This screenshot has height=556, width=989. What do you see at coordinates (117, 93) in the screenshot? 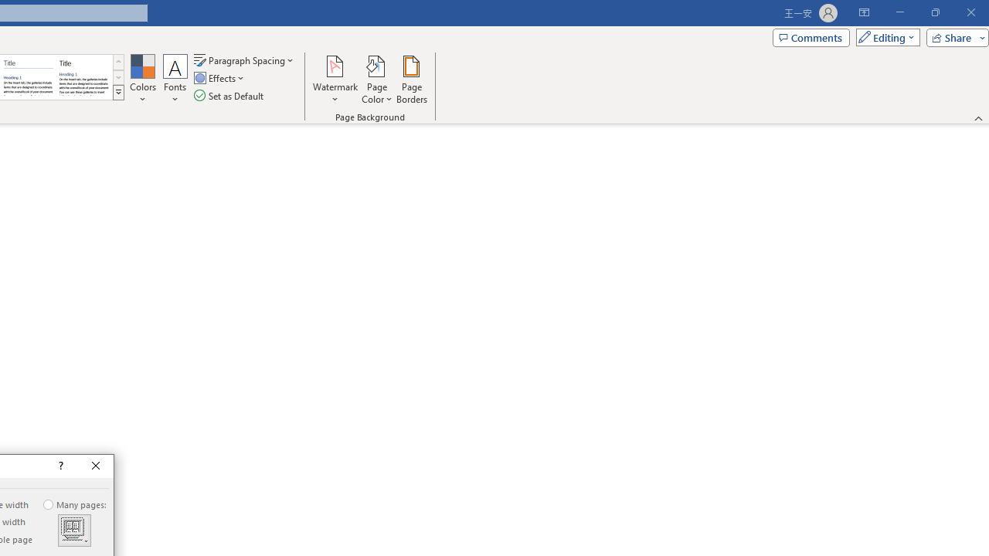
I see `'Style Set'` at bounding box center [117, 93].